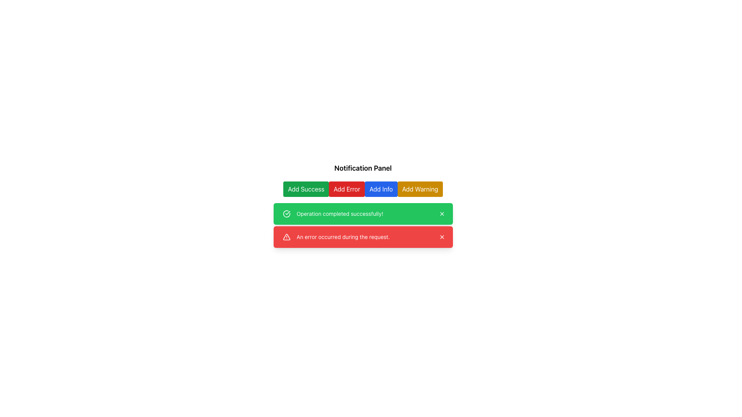 Image resolution: width=742 pixels, height=417 pixels. I want to click on the circular checkmark icon with a white stroke on a green background, which indicates success, located on the left side of the green notification banner that displays 'Operation completed successfully!', so click(286, 214).